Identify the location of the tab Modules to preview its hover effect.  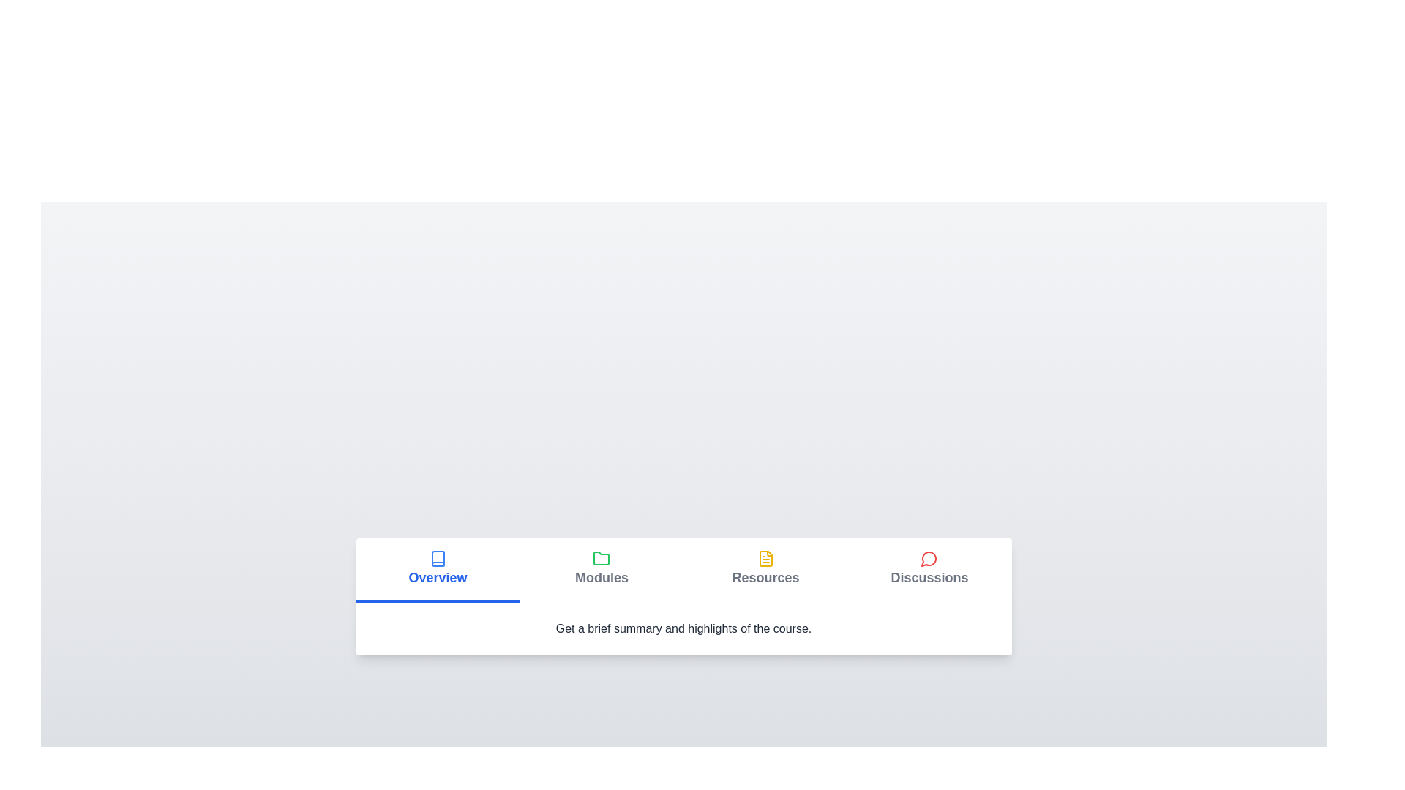
(602, 569).